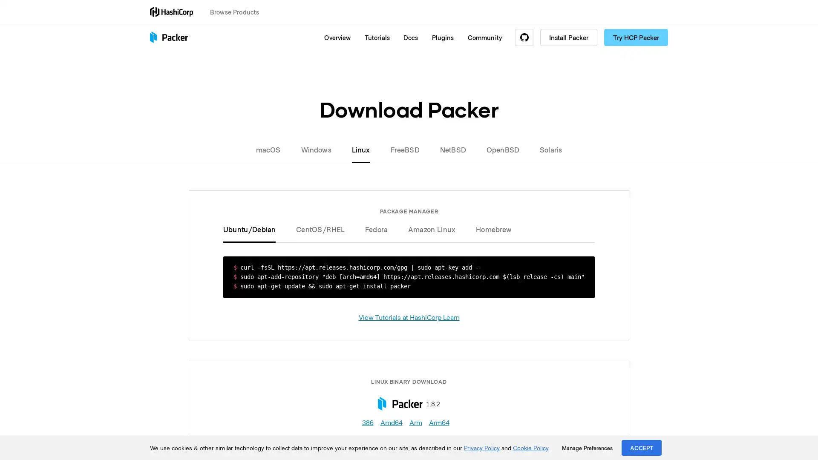 The image size is (818, 460). What do you see at coordinates (489, 228) in the screenshot?
I see `Homebrew` at bounding box center [489, 228].